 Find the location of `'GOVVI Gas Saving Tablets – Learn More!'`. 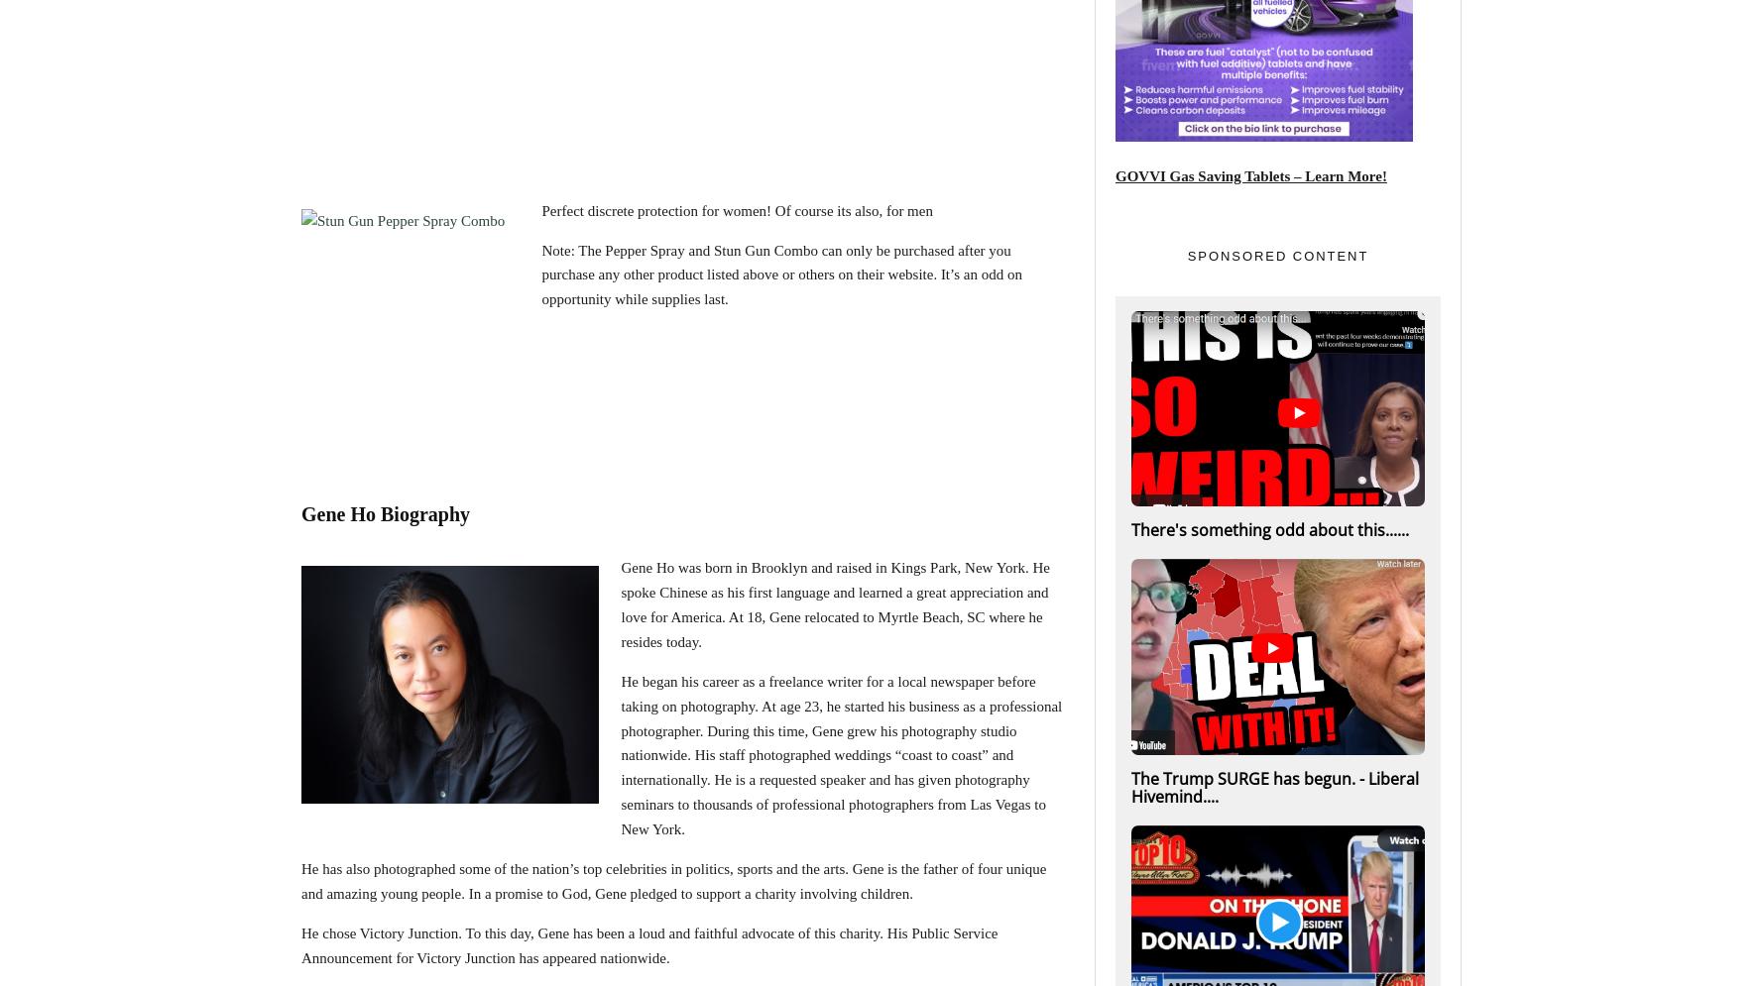

'GOVVI Gas Saving Tablets – Learn More!' is located at coordinates (1249, 176).